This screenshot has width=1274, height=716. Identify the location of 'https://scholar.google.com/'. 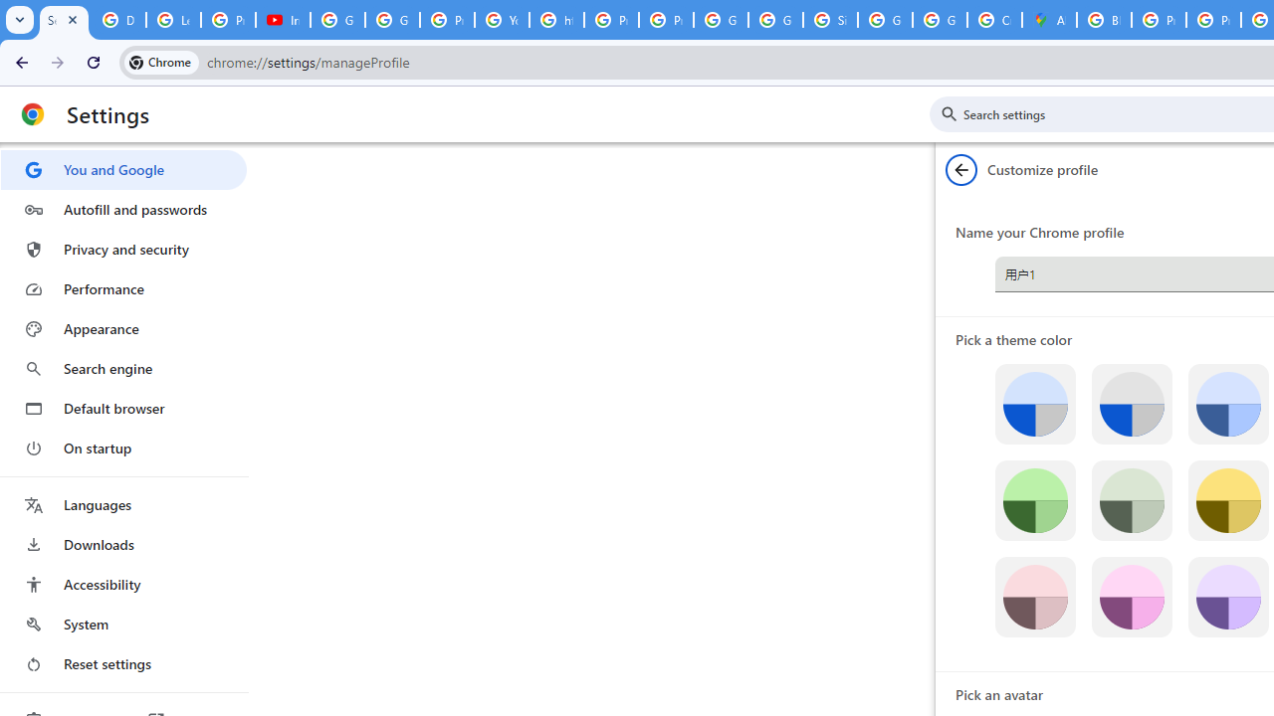
(557, 20).